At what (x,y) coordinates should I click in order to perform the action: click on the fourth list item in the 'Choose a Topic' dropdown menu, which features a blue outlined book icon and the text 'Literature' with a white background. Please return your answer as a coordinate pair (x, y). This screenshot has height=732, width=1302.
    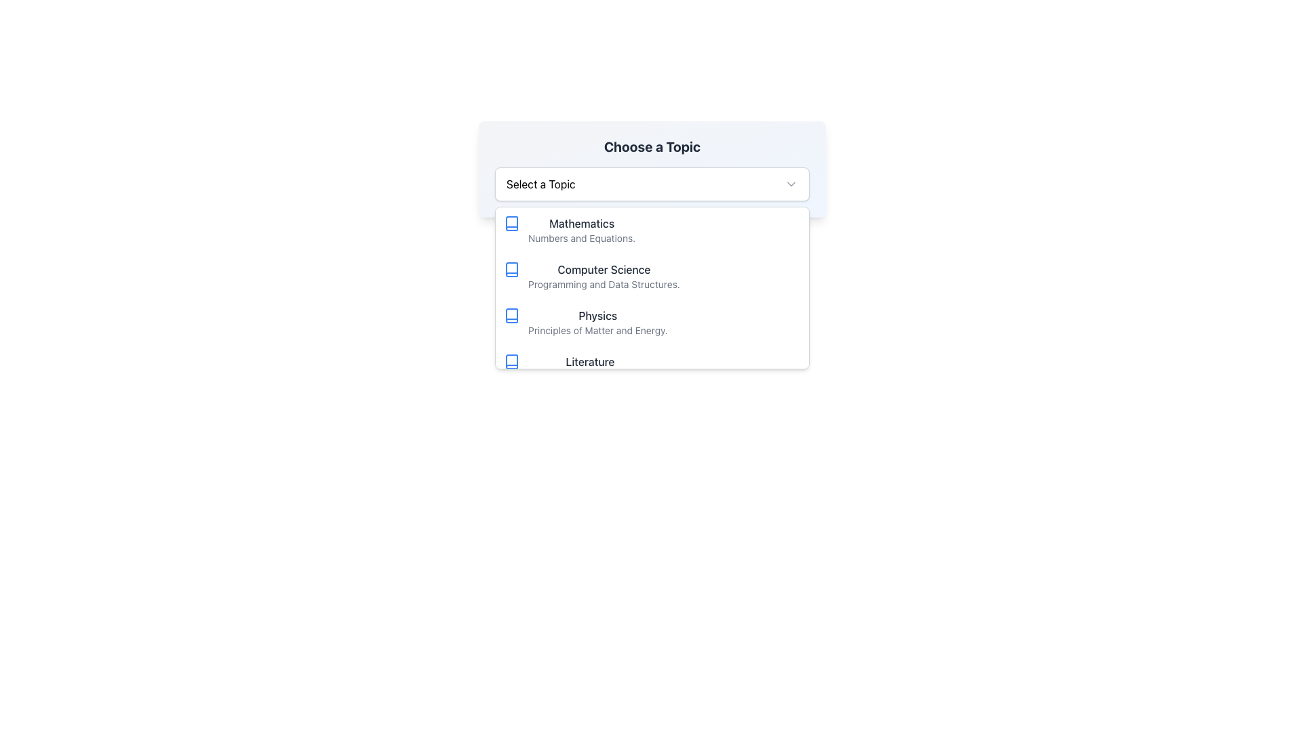
    Looking at the image, I should click on (652, 368).